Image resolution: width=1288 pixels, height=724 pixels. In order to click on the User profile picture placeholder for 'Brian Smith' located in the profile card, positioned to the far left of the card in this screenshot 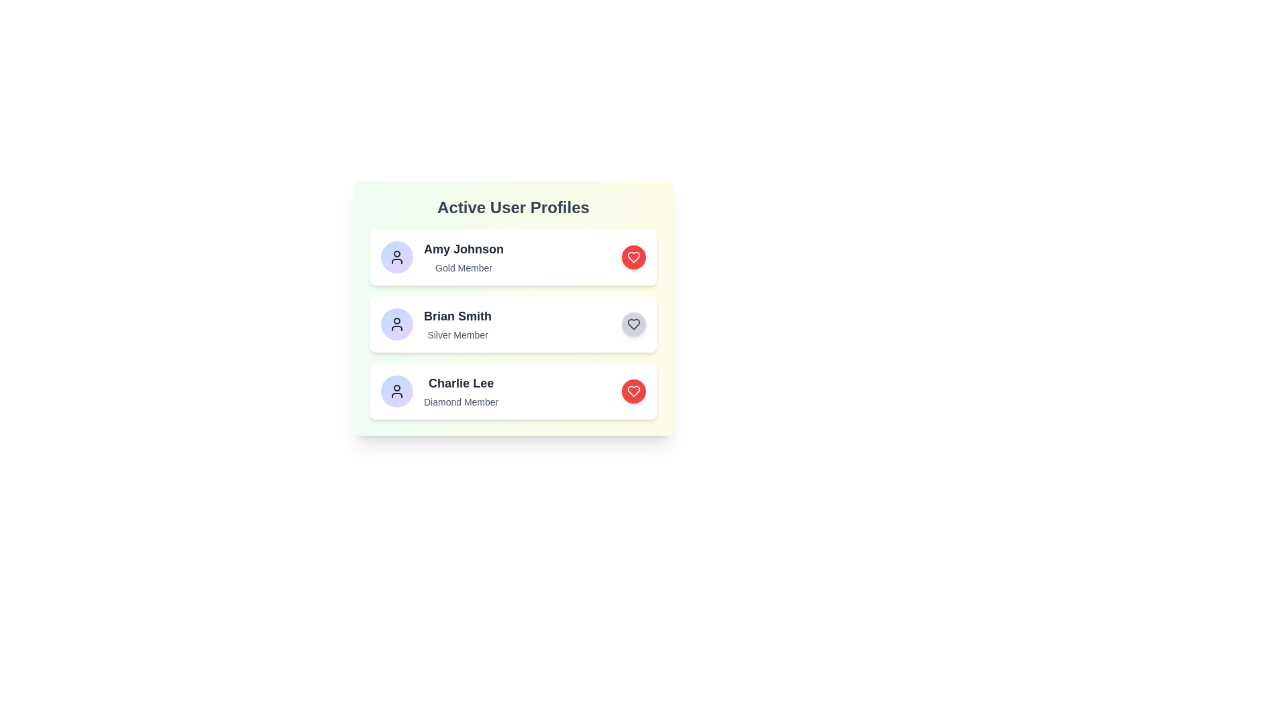, I will do `click(396, 324)`.